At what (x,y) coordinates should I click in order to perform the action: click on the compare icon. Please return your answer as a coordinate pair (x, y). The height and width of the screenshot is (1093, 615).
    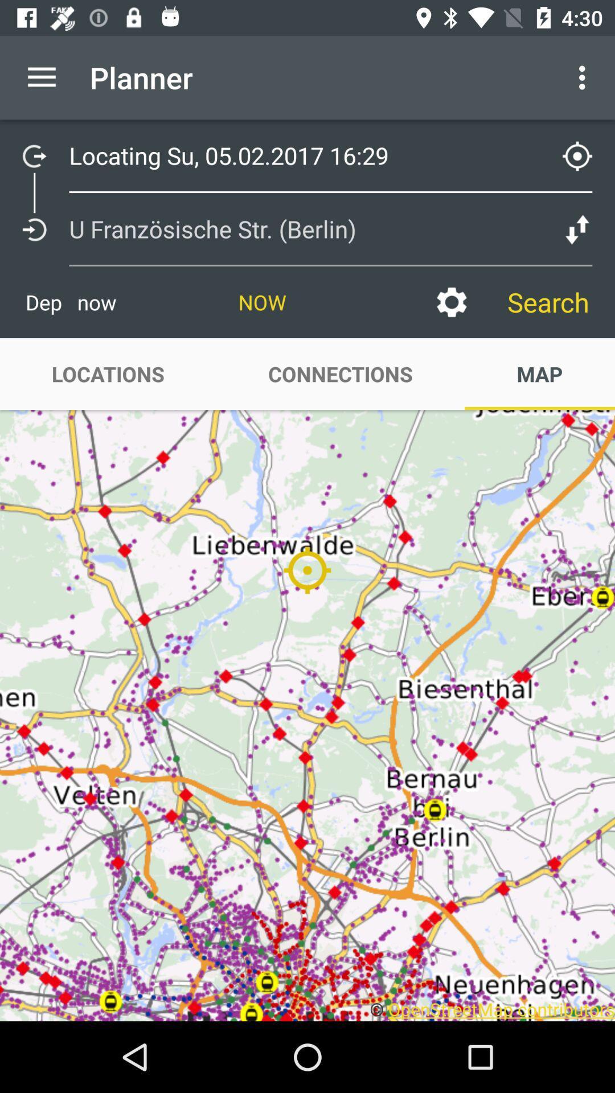
    Looking at the image, I should click on (577, 229).